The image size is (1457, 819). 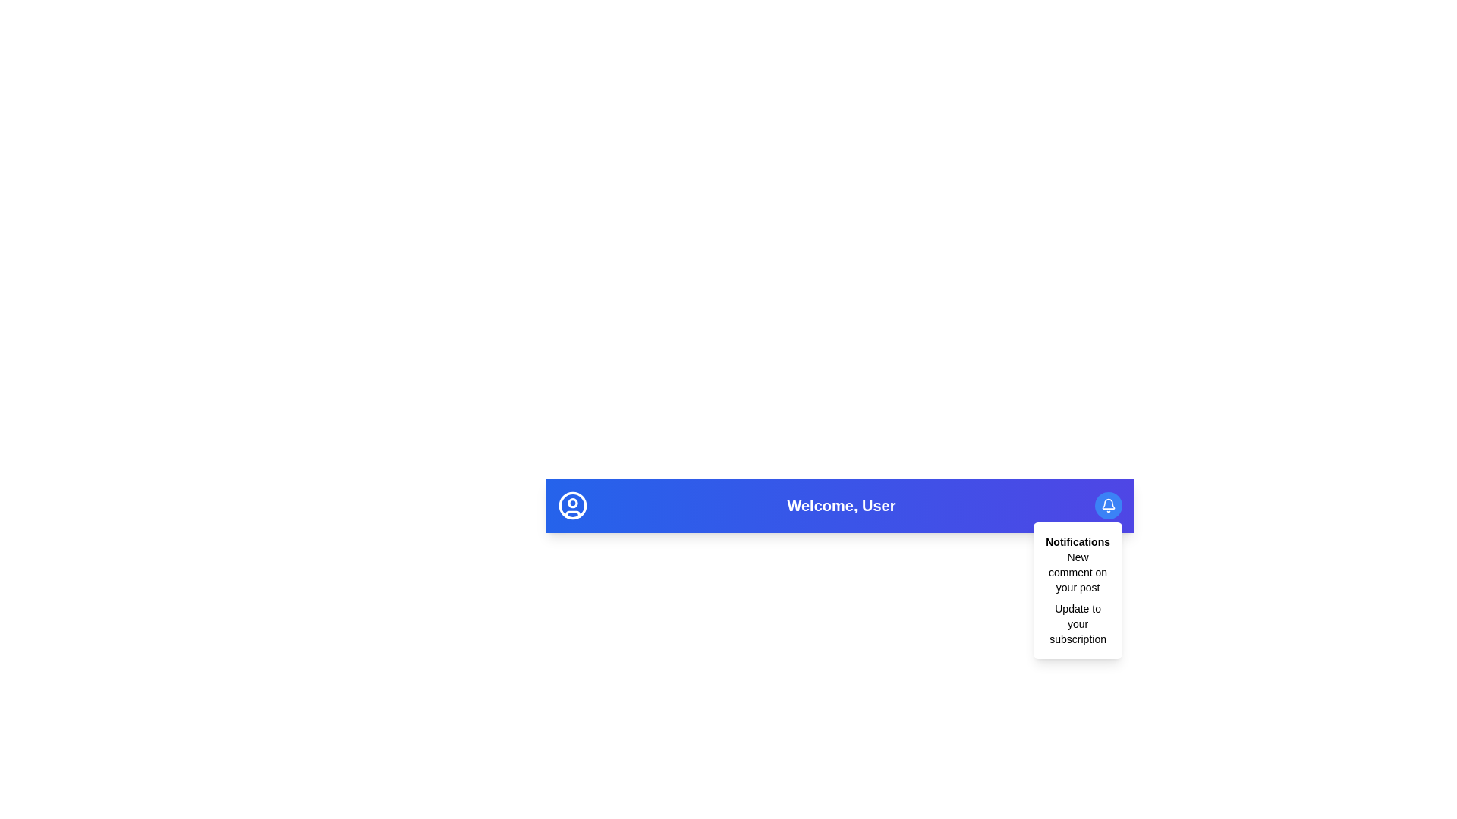 I want to click on the multi-line text label displaying 'New comment on your post' located within the dropdown menu under the bell icon in the top right corner of the interface, so click(x=1077, y=573).